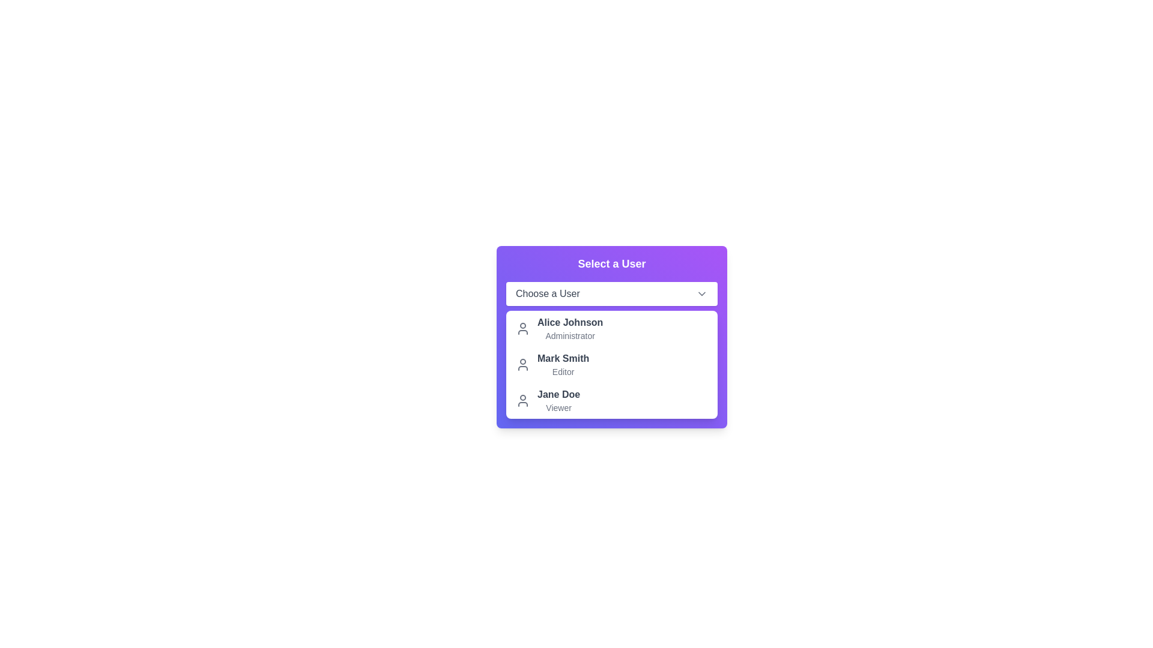  Describe the element at coordinates (563, 364) in the screenshot. I see `the Composite text label that identifies the second user in the list, positioned between 'Alice Johnson - Administrator' and 'Jane Doe - Viewer'` at that location.